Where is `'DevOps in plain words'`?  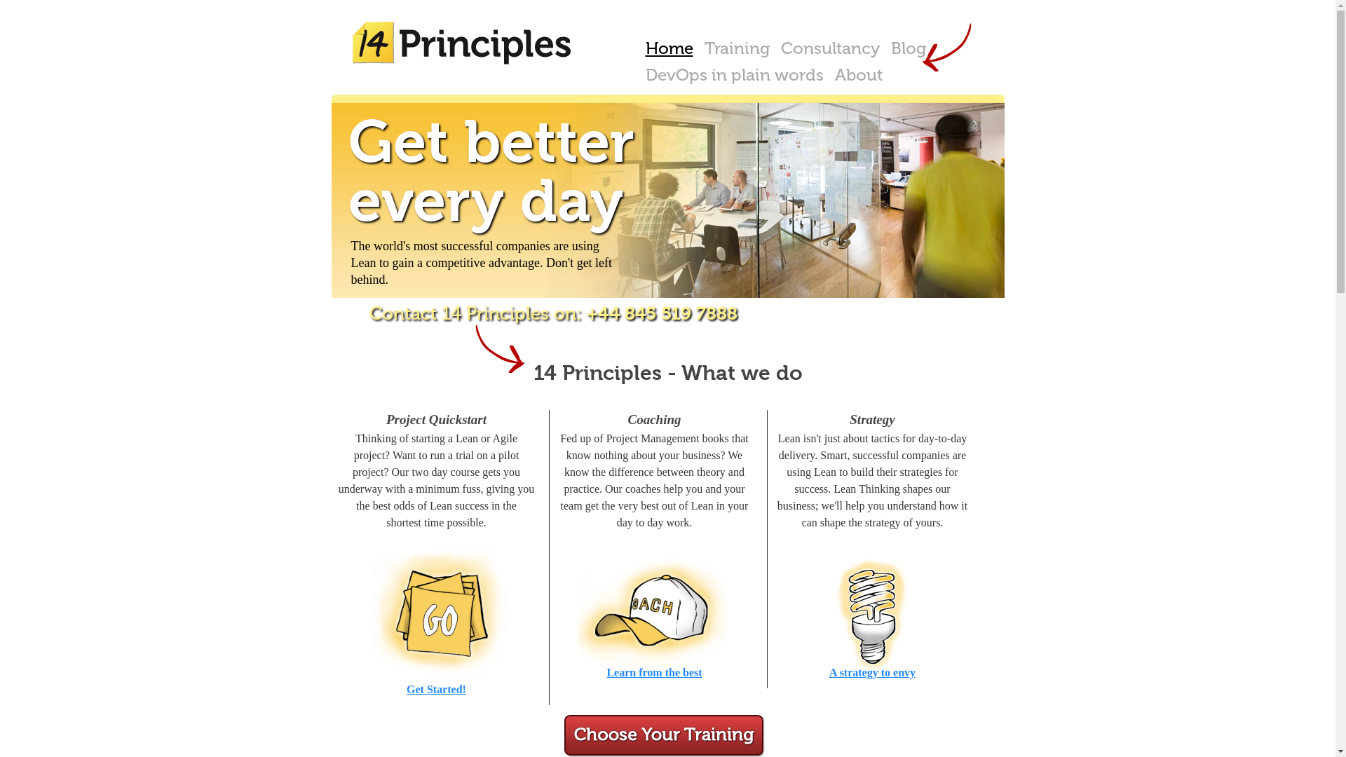
'DevOps in plain words' is located at coordinates (639, 75).